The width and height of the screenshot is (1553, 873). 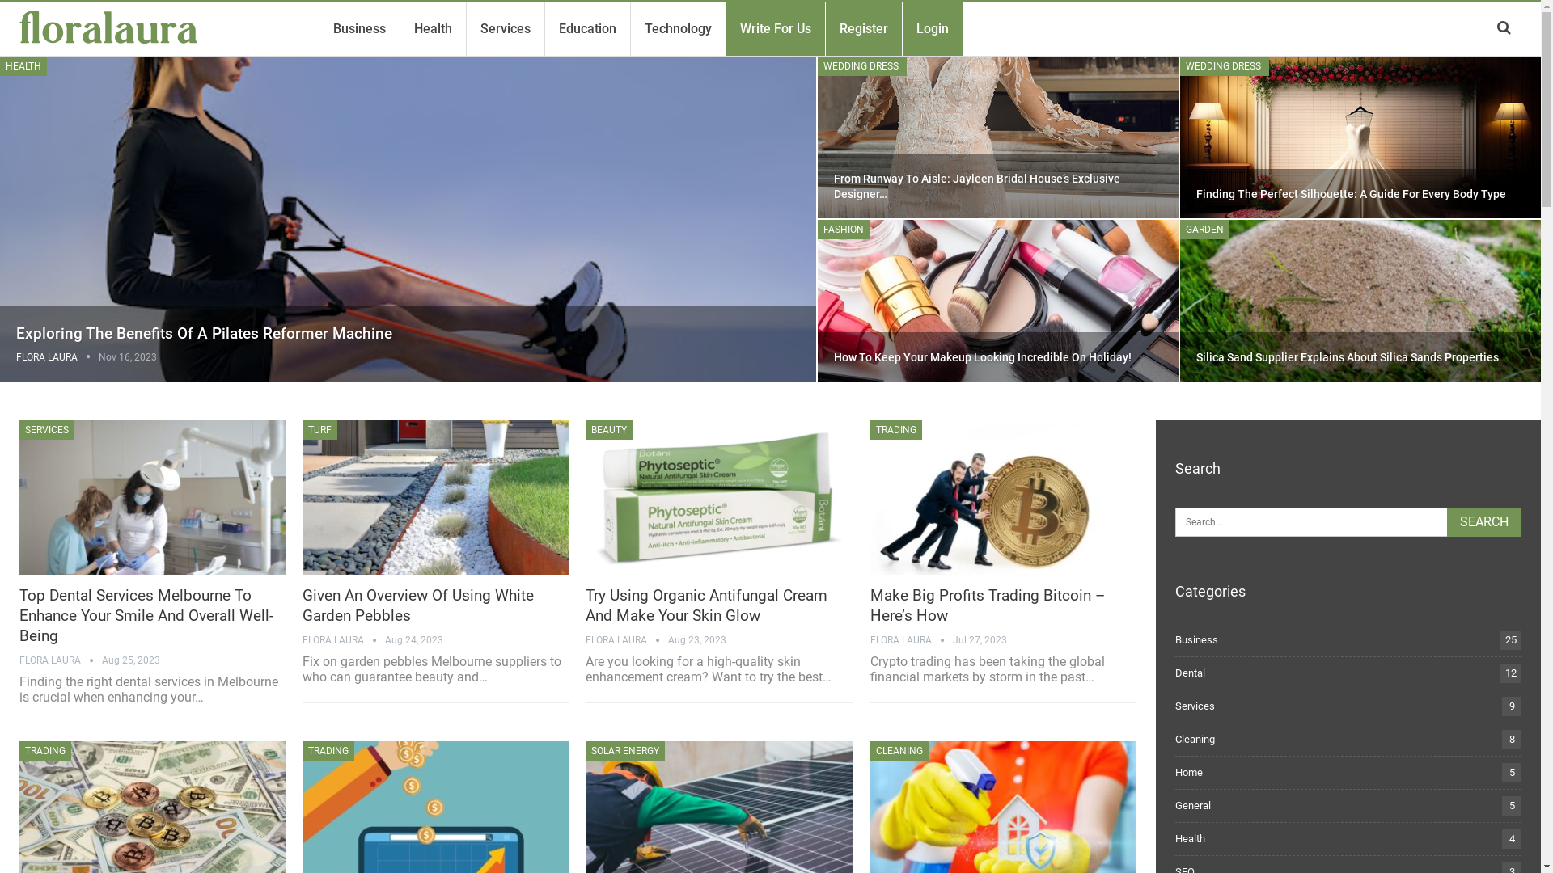 I want to click on 'How To Keep Your Makeup Looking Incredible On Holiday!', so click(x=997, y=300).